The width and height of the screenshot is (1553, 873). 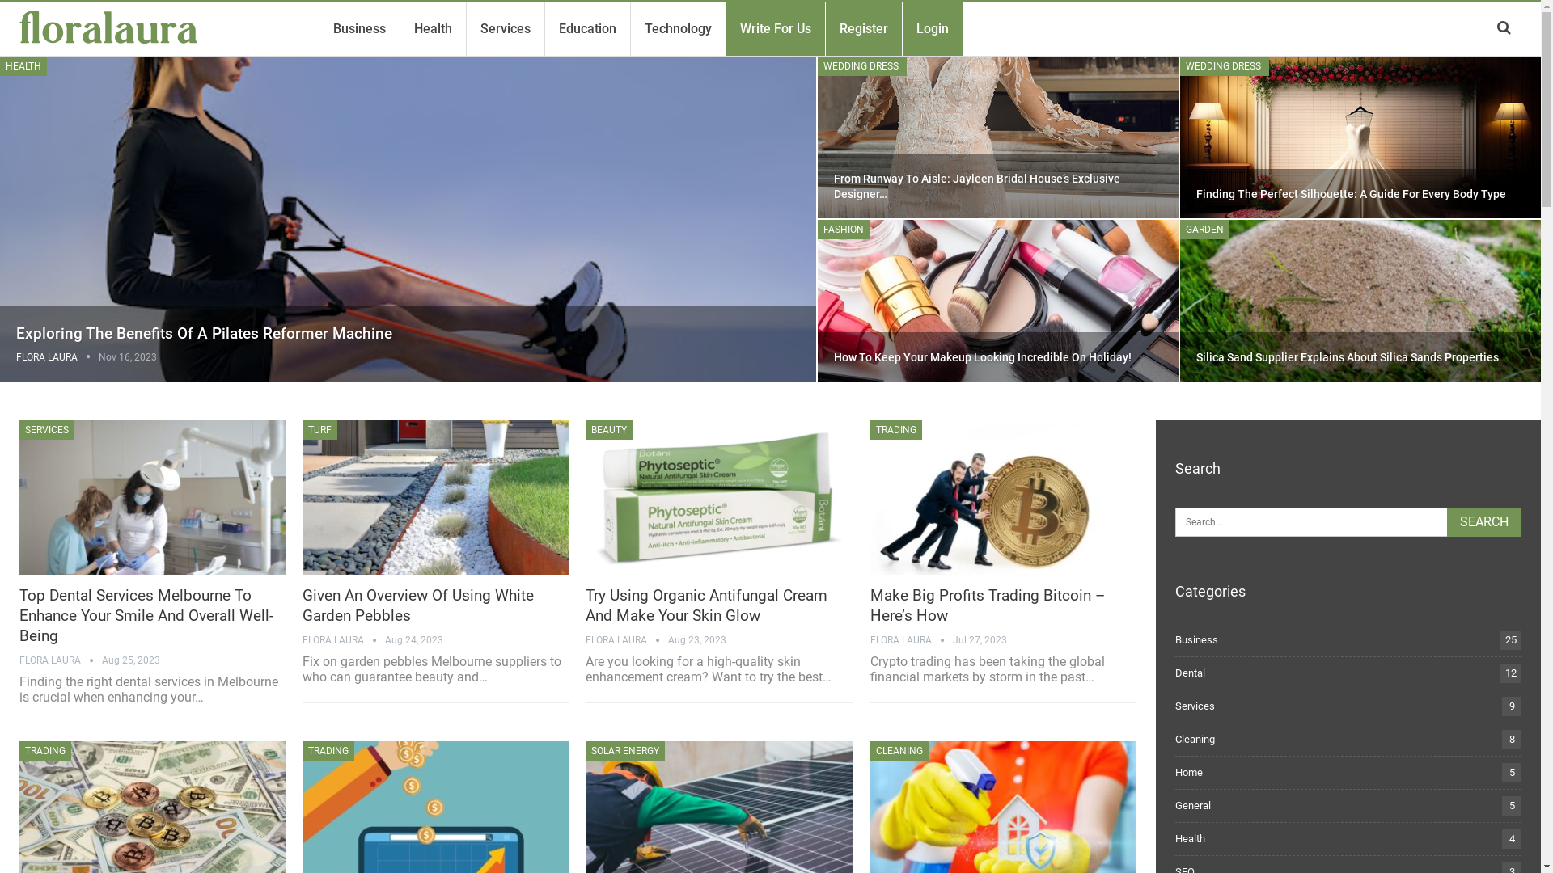 I want to click on 'How To Keep Your Makeup Looking Incredible On Holiday!', so click(x=997, y=300).